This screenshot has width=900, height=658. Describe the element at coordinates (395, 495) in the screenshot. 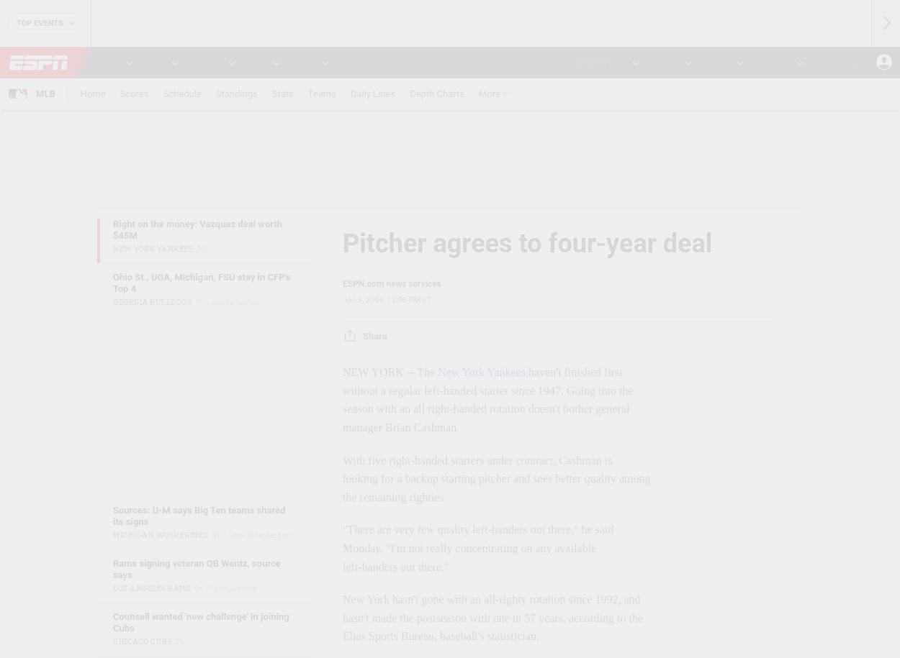

I see `'the remaining righties.'` at that location.